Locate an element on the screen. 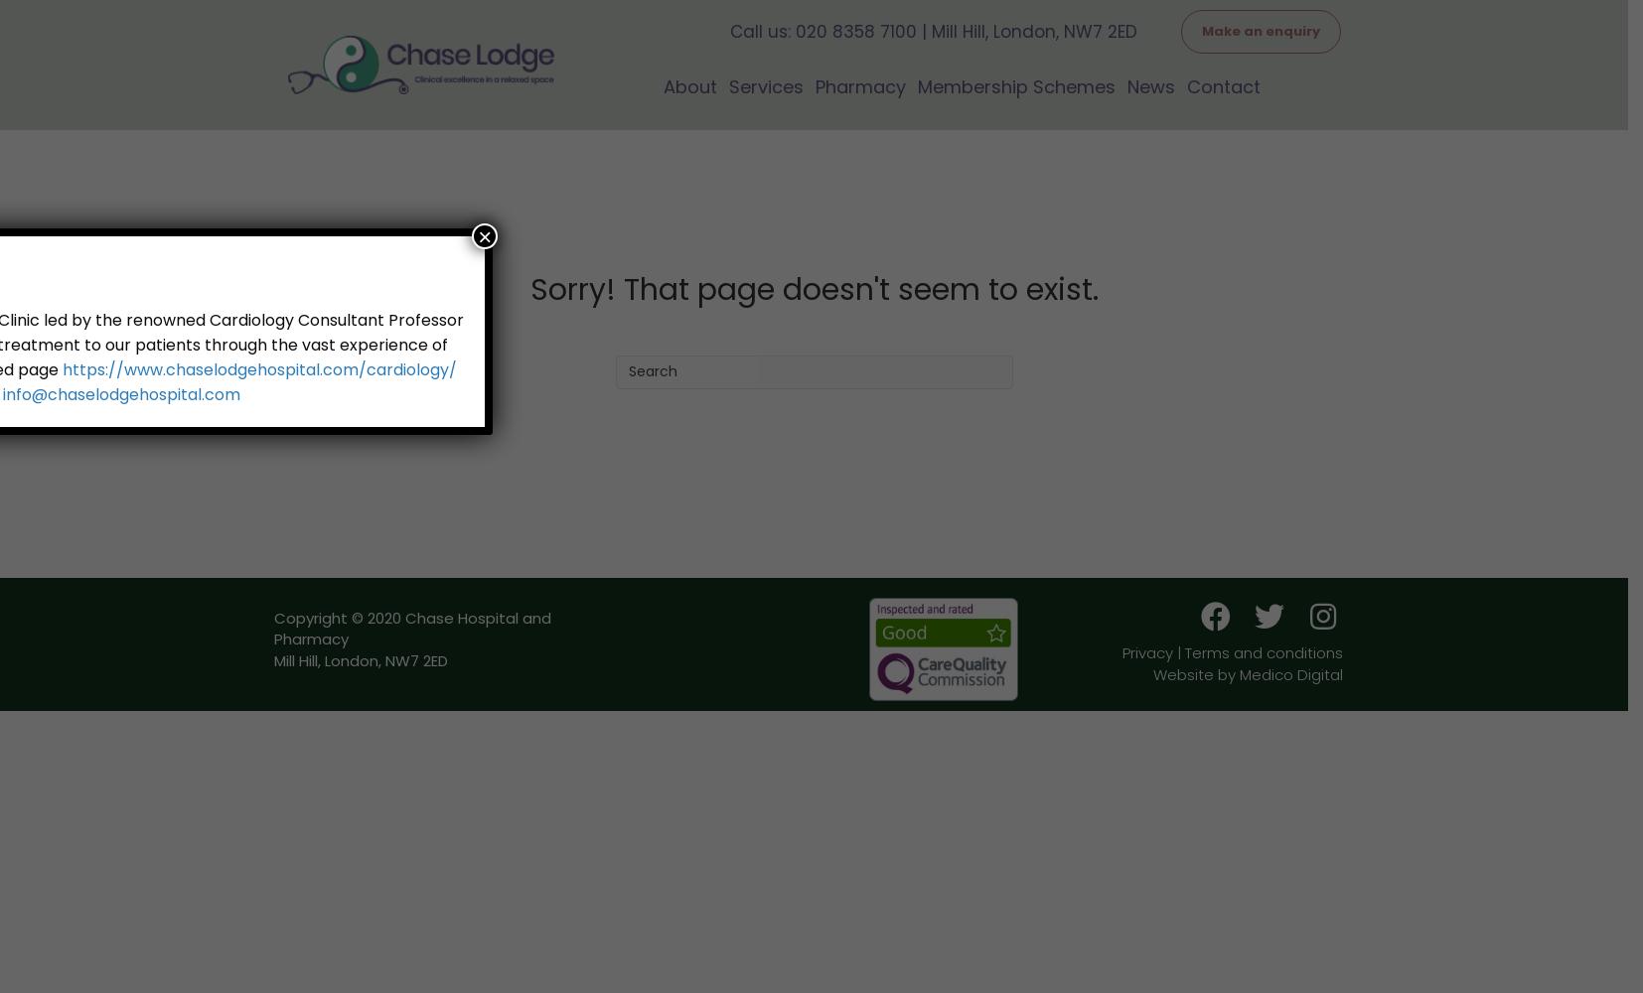  'Membership Schemes' is located at coordinates (1015, 84).